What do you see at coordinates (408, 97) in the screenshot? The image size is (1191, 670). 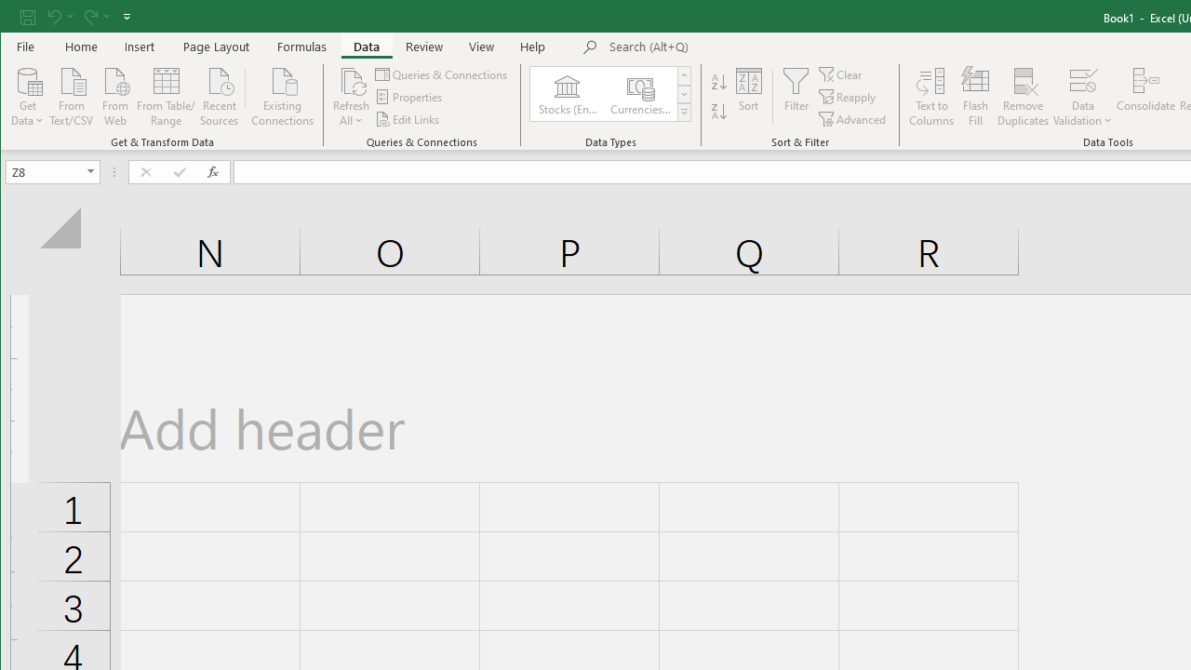 I see `'Properties'` at bounding box center [408, 97].